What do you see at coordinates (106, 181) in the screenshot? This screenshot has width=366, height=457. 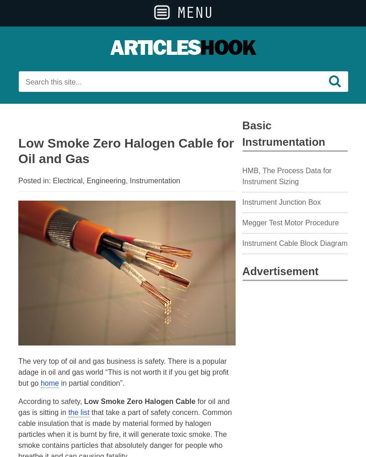 I see `'Engineering'` at bounding box center [106, 181].